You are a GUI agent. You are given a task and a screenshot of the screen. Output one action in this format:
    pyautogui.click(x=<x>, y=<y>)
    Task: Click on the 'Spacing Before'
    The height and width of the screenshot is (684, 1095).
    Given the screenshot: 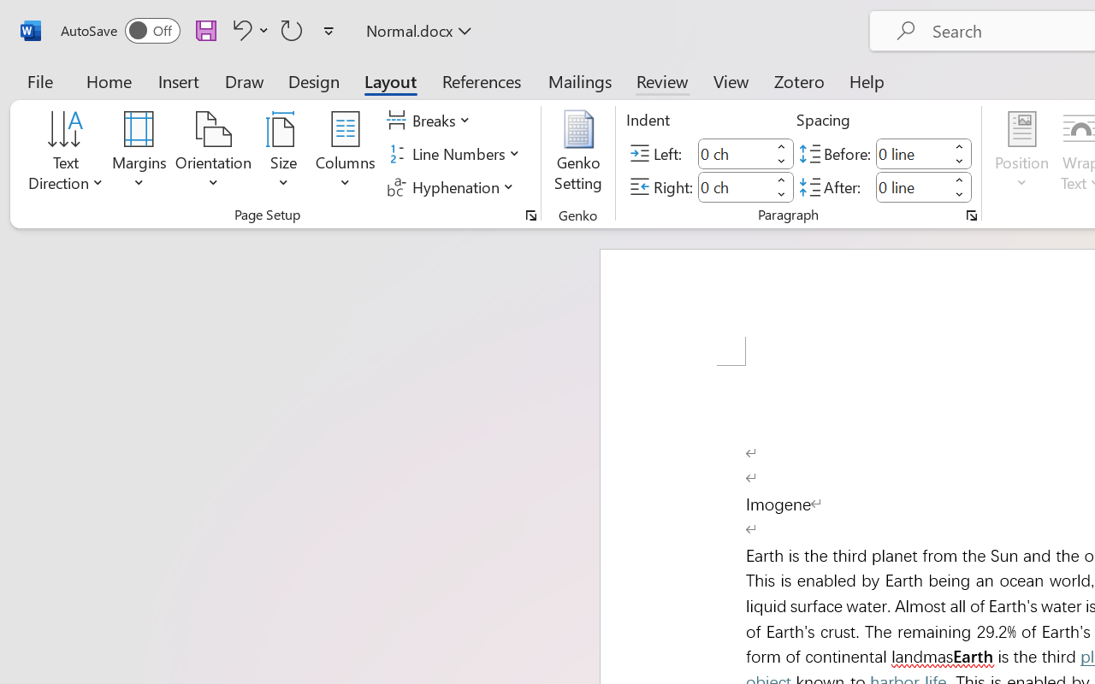 What is the action you would take?
    pyautogui.click(x=911, y=152)
    